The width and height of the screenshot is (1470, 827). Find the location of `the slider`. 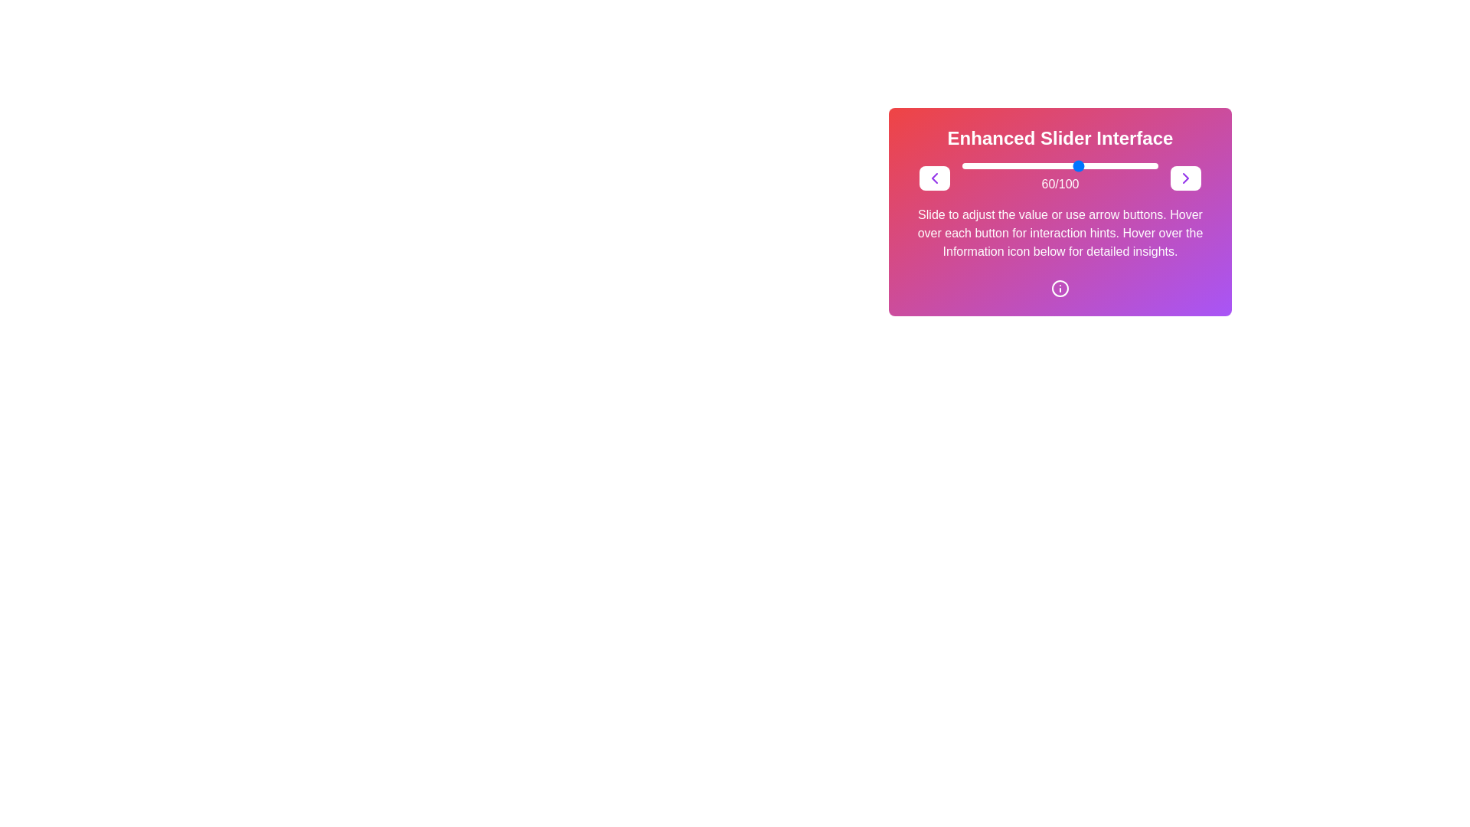

the slider is located at coordinates (1034, 165).